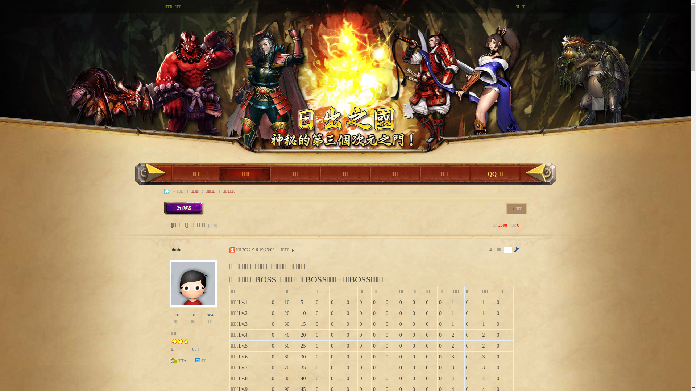  Describe the element at coordinates (176, 315) in the screenshot. I see `'100'` at that location.